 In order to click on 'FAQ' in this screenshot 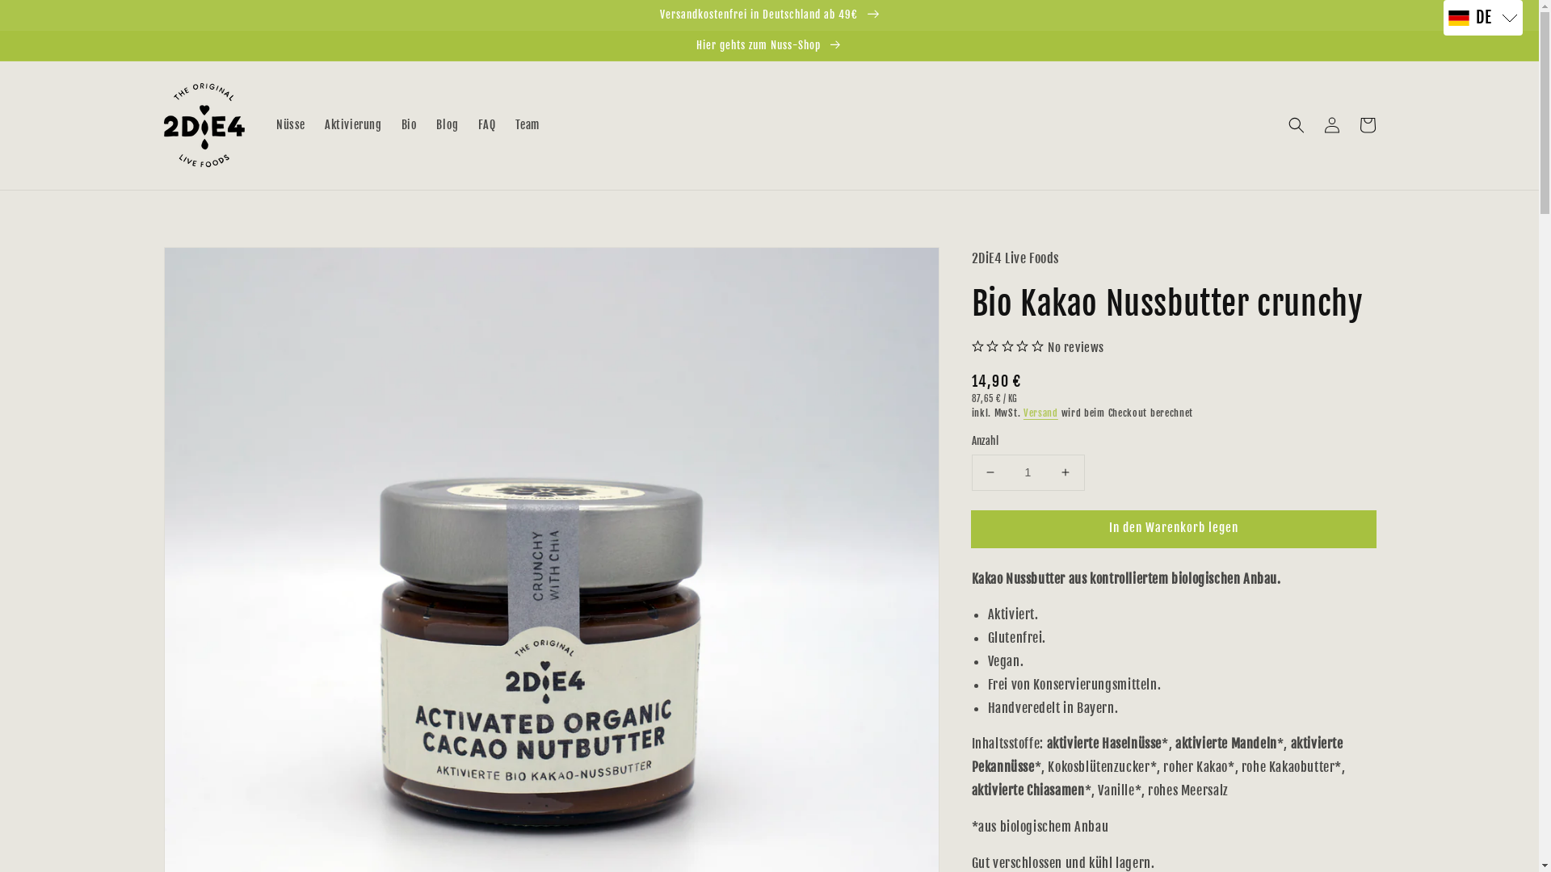, I will do `click(486, 124)`.